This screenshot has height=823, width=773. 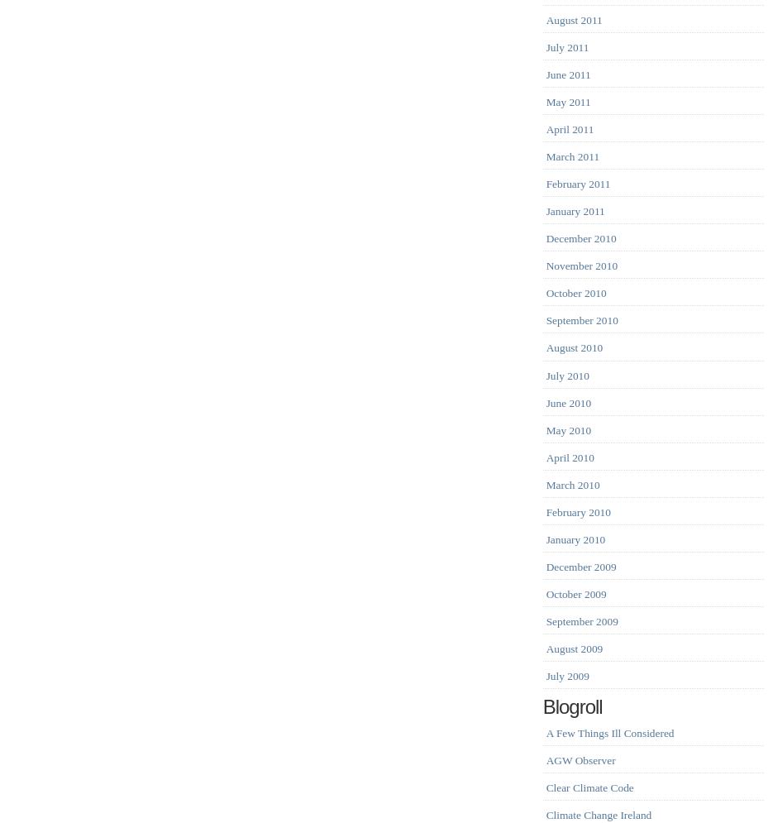 I want to click on 'August 2011', so click(x=572, y=19).